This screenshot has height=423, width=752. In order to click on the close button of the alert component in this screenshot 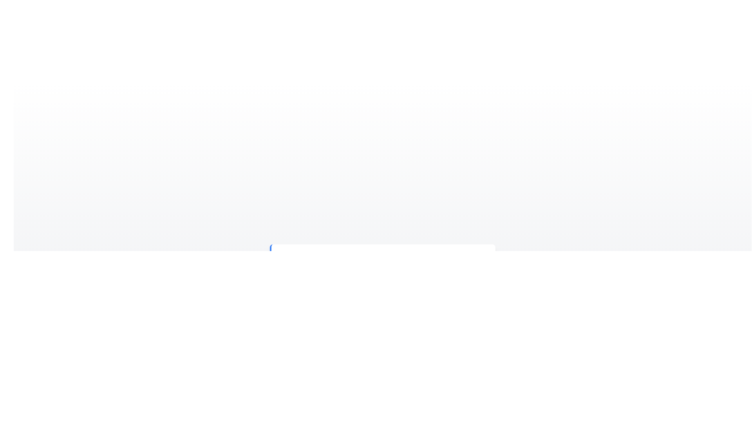, I will do `click(484, 255)`.